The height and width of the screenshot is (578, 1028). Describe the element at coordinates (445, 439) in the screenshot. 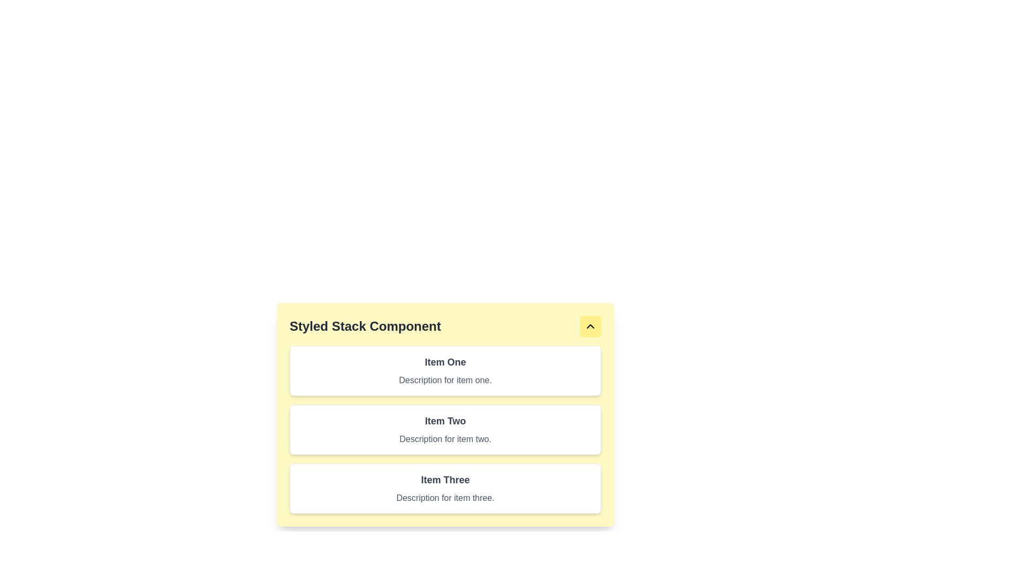

I see `descriptive text located below the title 'Item Two' in the middle card of the vertically stacked layout` at that location.